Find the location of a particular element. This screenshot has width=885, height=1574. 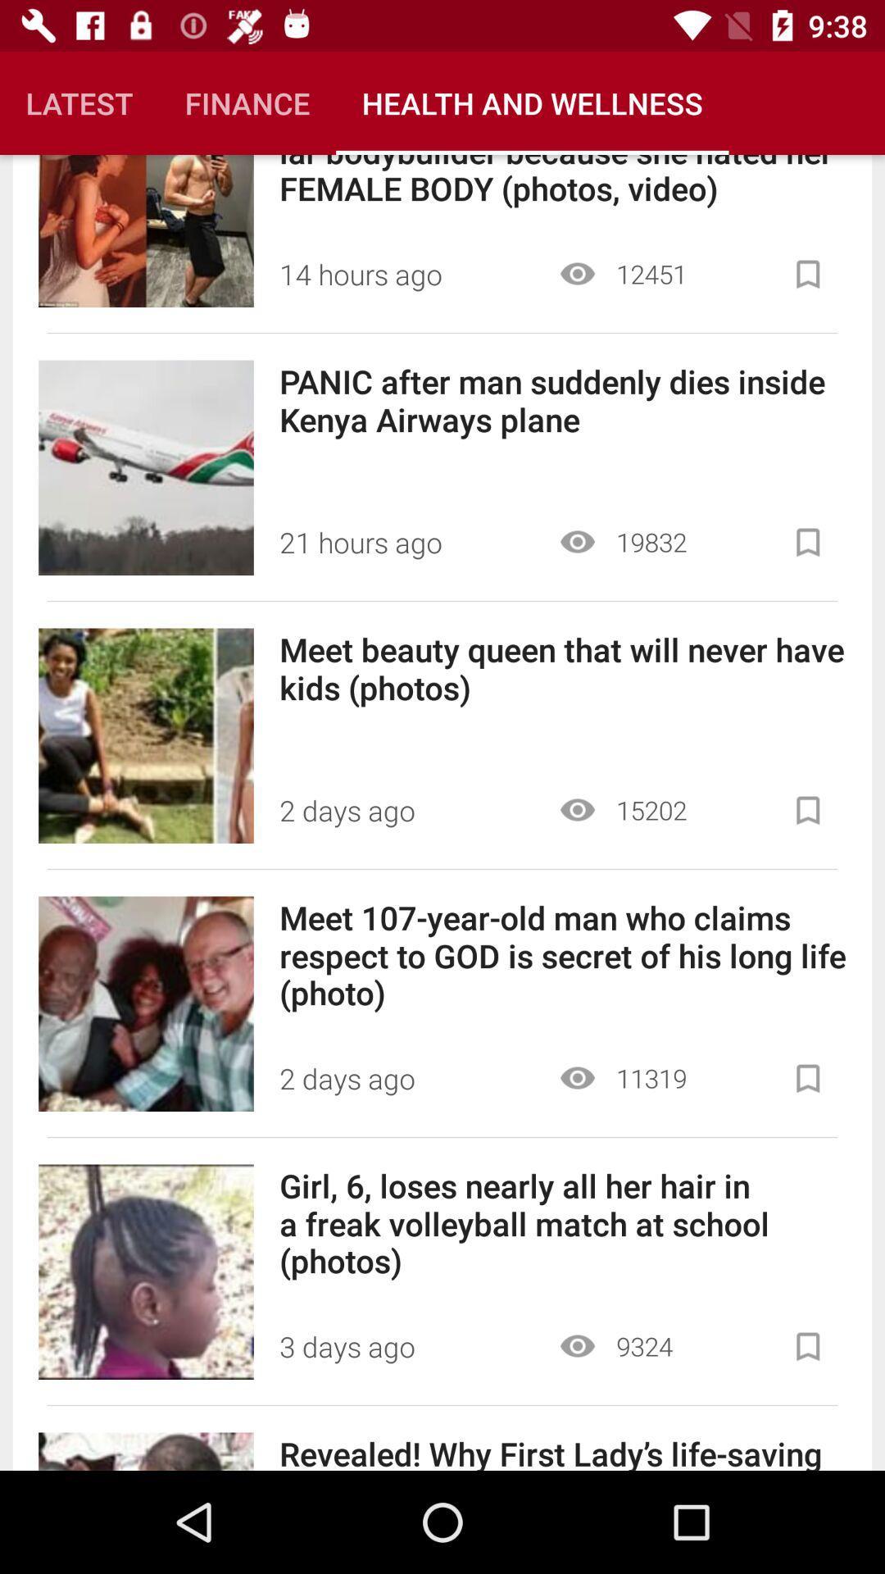

bookmark video is located at coordinates (807, 1346).